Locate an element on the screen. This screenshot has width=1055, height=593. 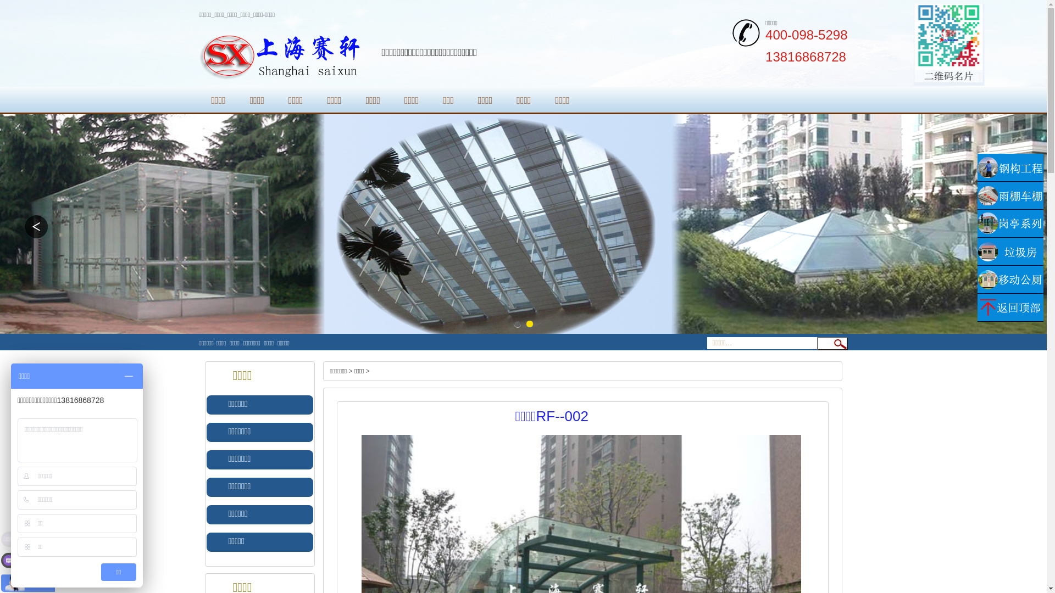
'1' is located at coordinates (516, 323).